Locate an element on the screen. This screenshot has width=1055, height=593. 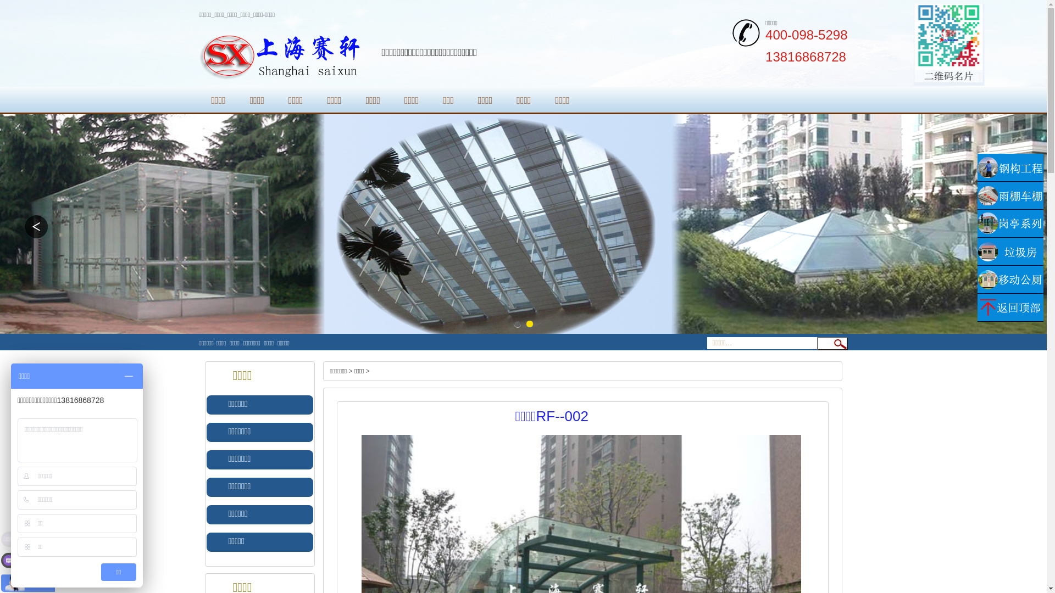
'1' is located at coordinates (516, 323).